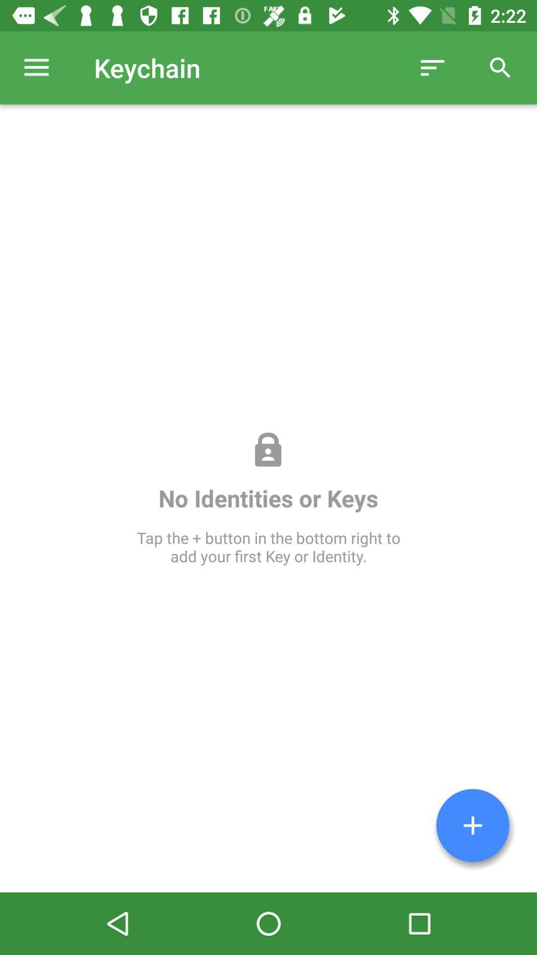 The height and width of the screenshot is (955, 537). Describe the element at coordinates (472, 825) in the screenshot. I see `the add icon` at that location.